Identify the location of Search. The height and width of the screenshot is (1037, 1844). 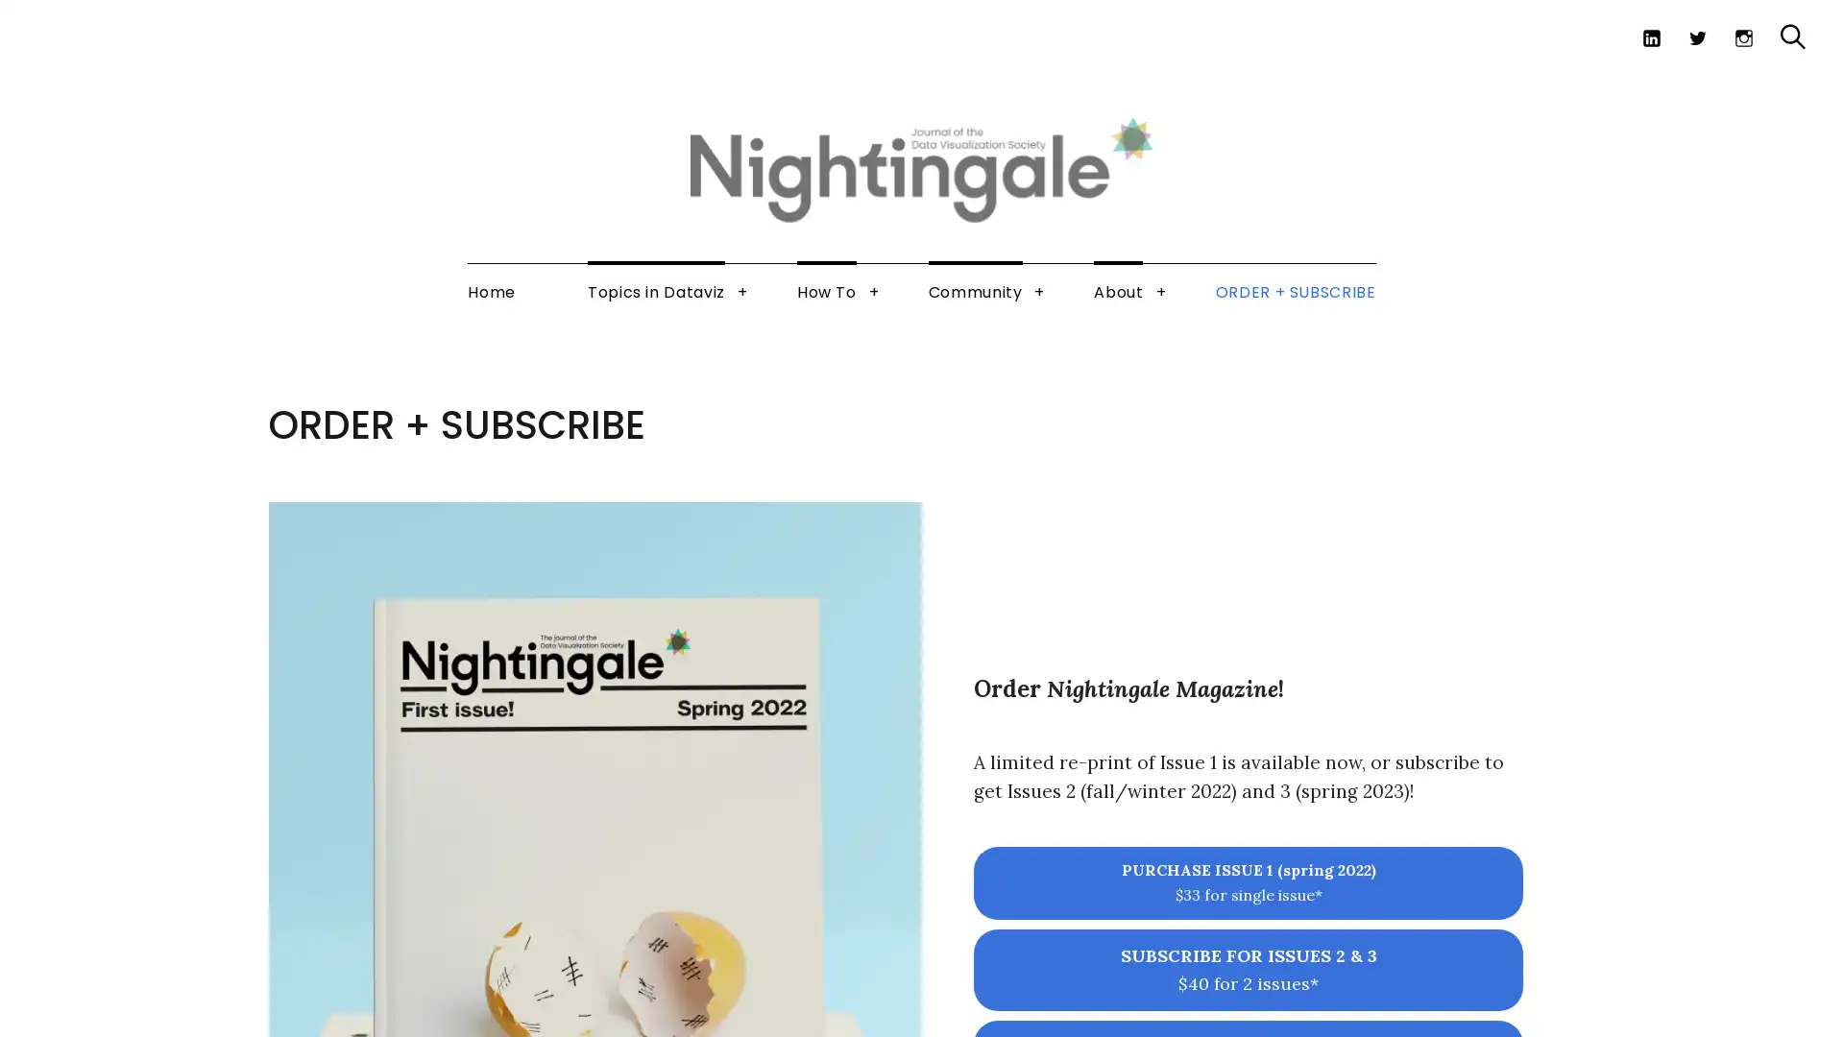
(1752, 28).